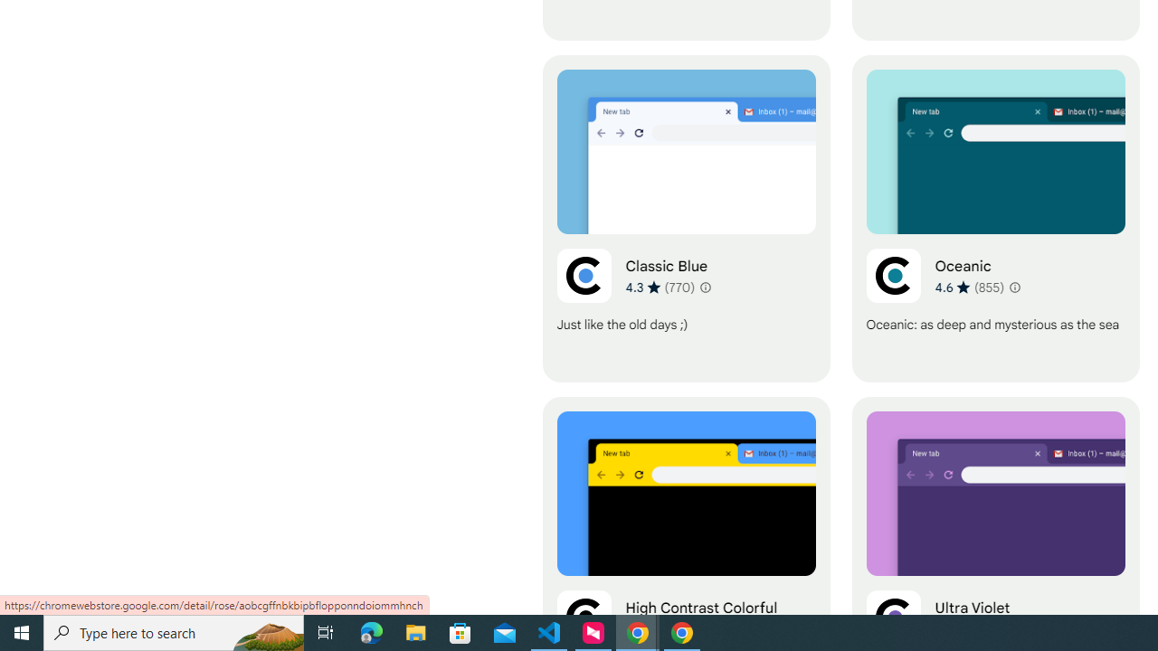  Describe the element at coordinates (994, 218) in the screenshot. I see `'Oceanic'` at that location.